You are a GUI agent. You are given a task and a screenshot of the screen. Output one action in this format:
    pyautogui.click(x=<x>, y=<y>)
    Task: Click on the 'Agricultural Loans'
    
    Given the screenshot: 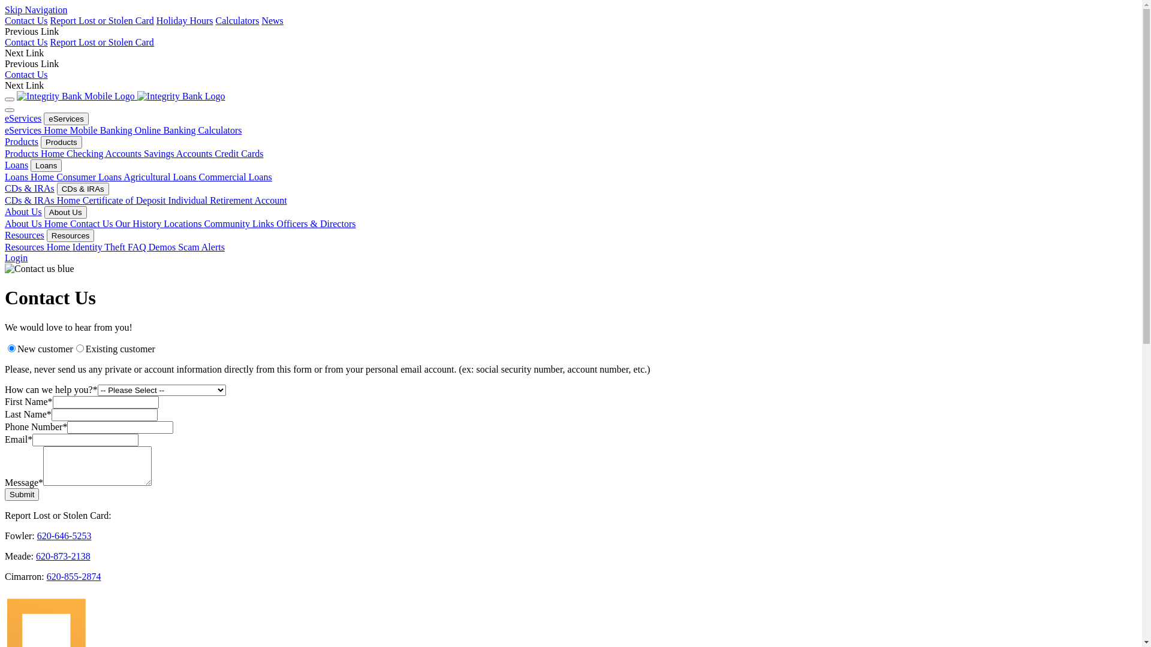 What is the action you would take?
    pyautogui.click(x=160, y=177)
    